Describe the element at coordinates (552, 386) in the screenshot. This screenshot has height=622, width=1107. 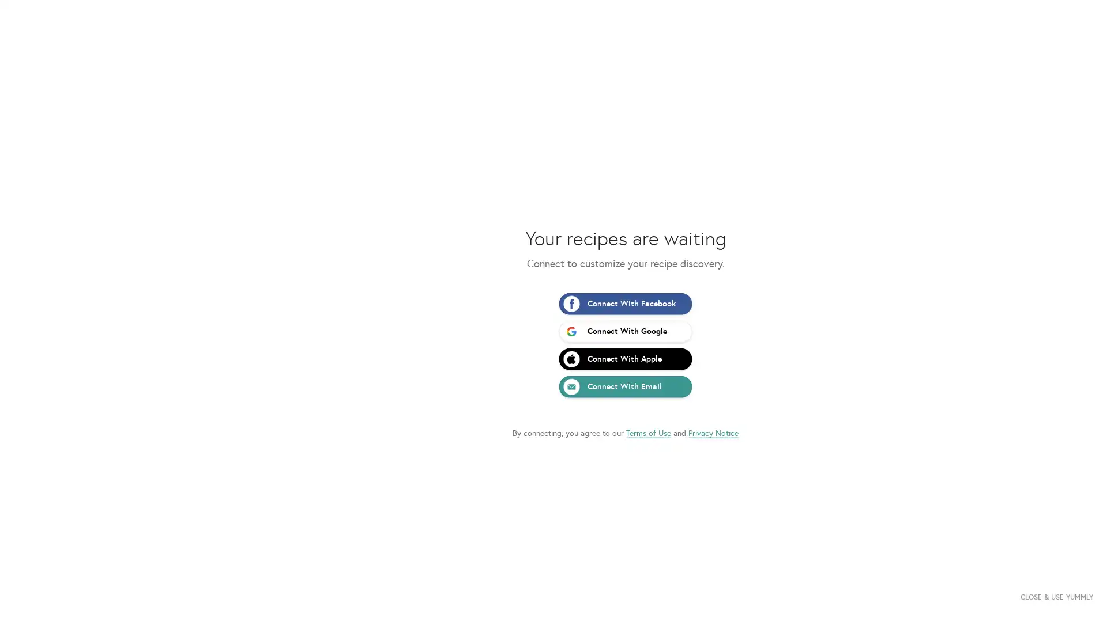
I see `Connect with Email` at that location.